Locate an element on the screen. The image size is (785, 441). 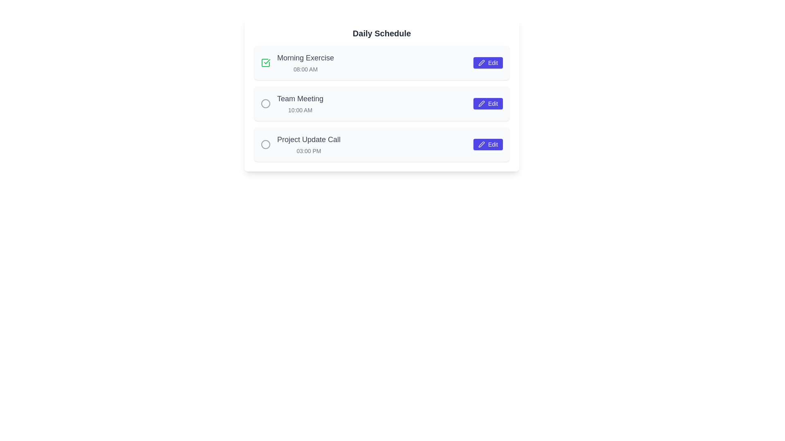
the small pencil icon that is part of the 'Edit' button aligned with the text 'Edit' in the third schedule entry labeled 'Project Update Call' is located at coordinates (481, 144).